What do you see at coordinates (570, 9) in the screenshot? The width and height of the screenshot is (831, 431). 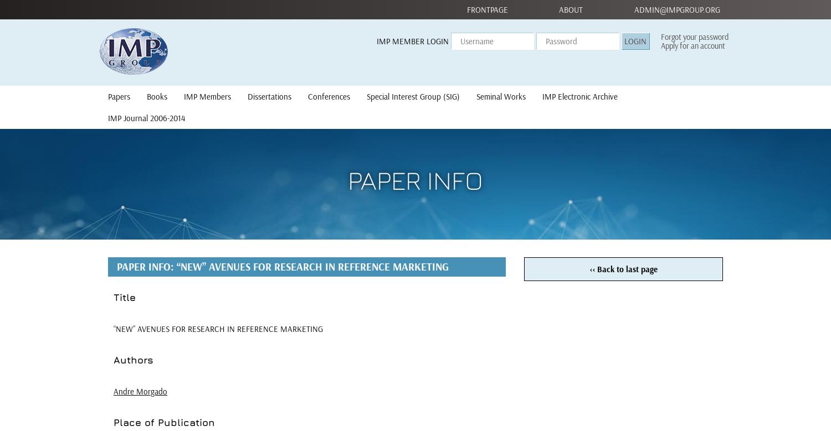 I see `'About'` at bounding box center [570, 9].